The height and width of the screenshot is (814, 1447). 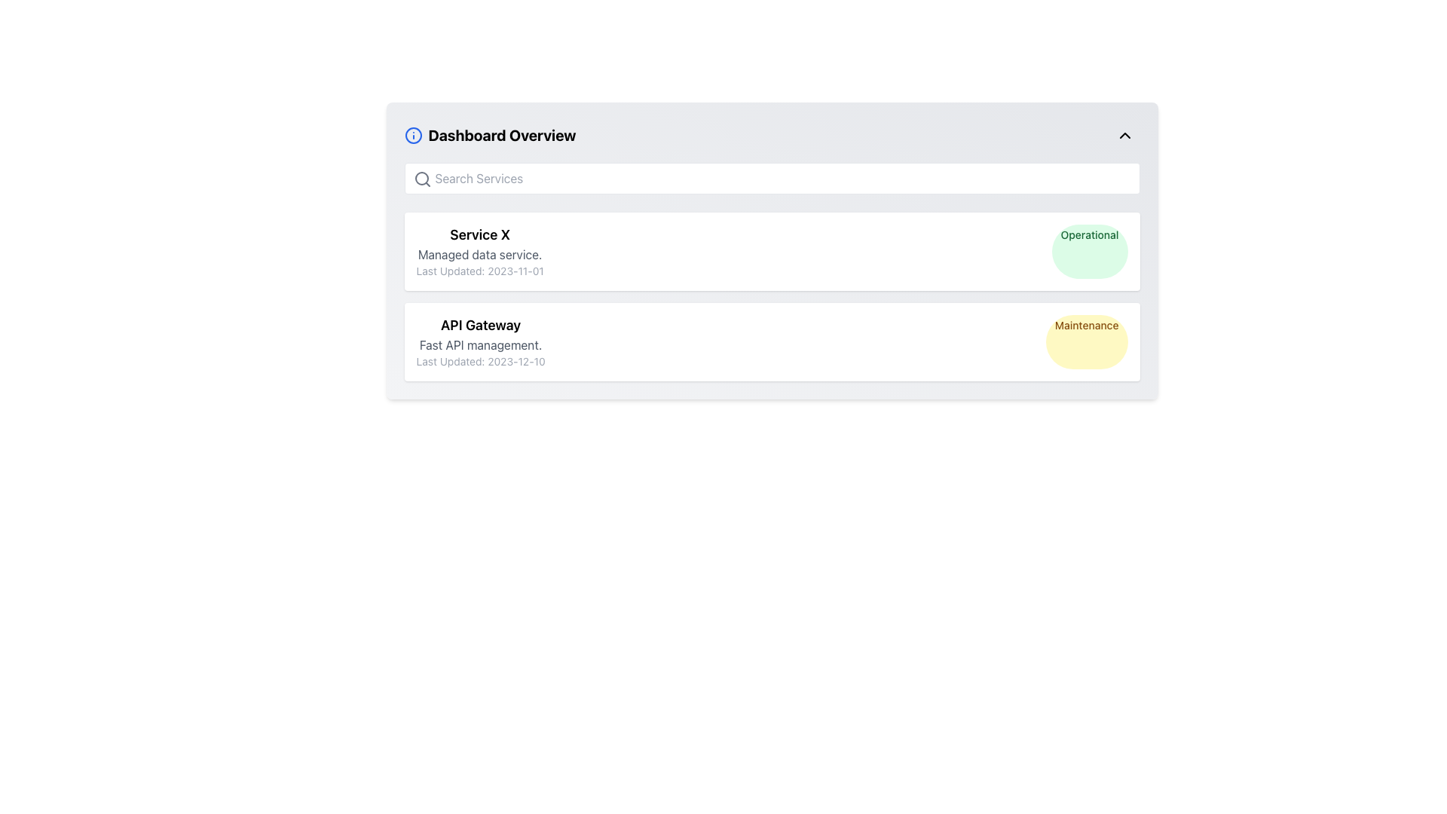 I want to click on the informational icon located at the far left of the 'Dashboard Overview' header, so click(x=413, y=136).